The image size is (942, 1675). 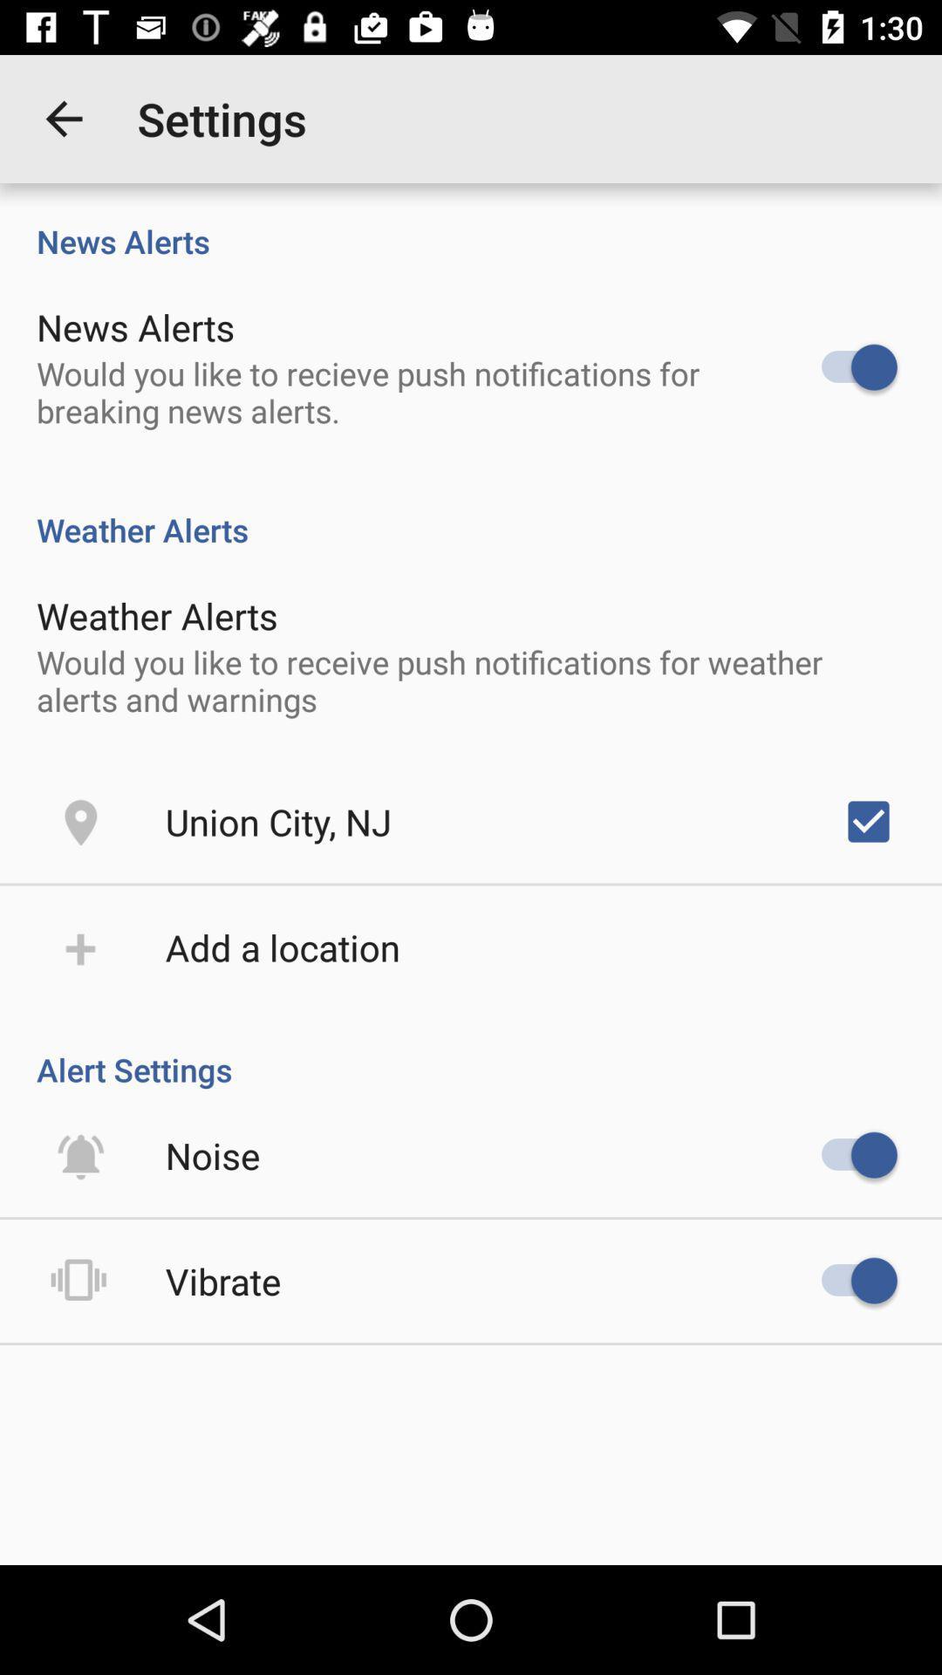 I want to click on noise, so click(x=212, y=1155).